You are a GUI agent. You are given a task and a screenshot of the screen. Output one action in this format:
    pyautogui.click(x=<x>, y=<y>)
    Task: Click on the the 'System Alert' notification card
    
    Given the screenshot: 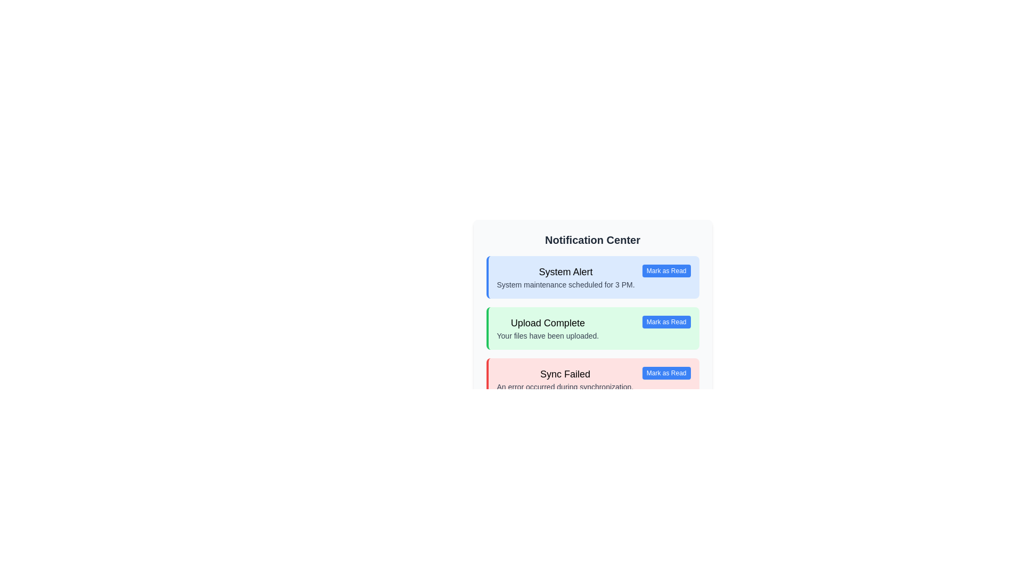 What is the action you would take?
    pyautogui.click(x=592, y=276)
    